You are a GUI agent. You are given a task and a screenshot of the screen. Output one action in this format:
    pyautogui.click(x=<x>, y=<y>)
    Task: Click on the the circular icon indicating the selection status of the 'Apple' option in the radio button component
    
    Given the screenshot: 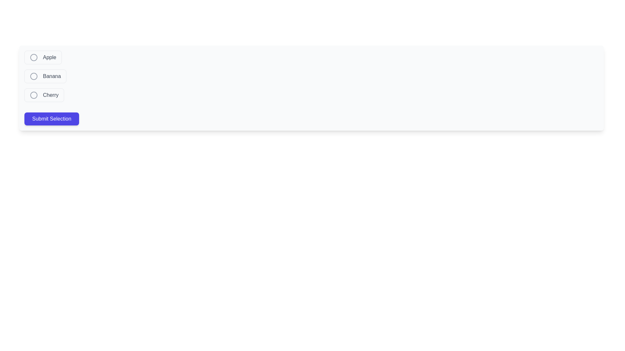 What is the action you would take?
    pyautogui.click(x=34, y=57)
    